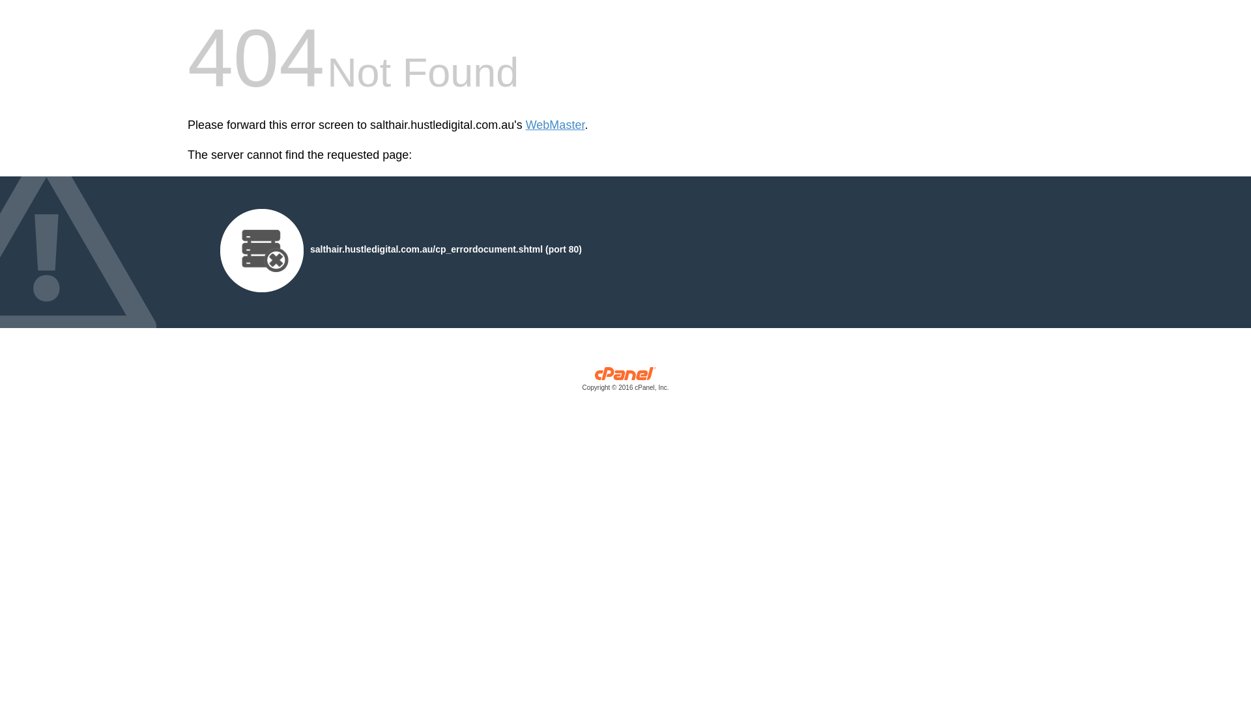 This screenshot has width=1251, height=703. What do you see at coordinates (555, 125) in the screenshot?
I see `'WebMaster'` at bounding box center [555, 125].